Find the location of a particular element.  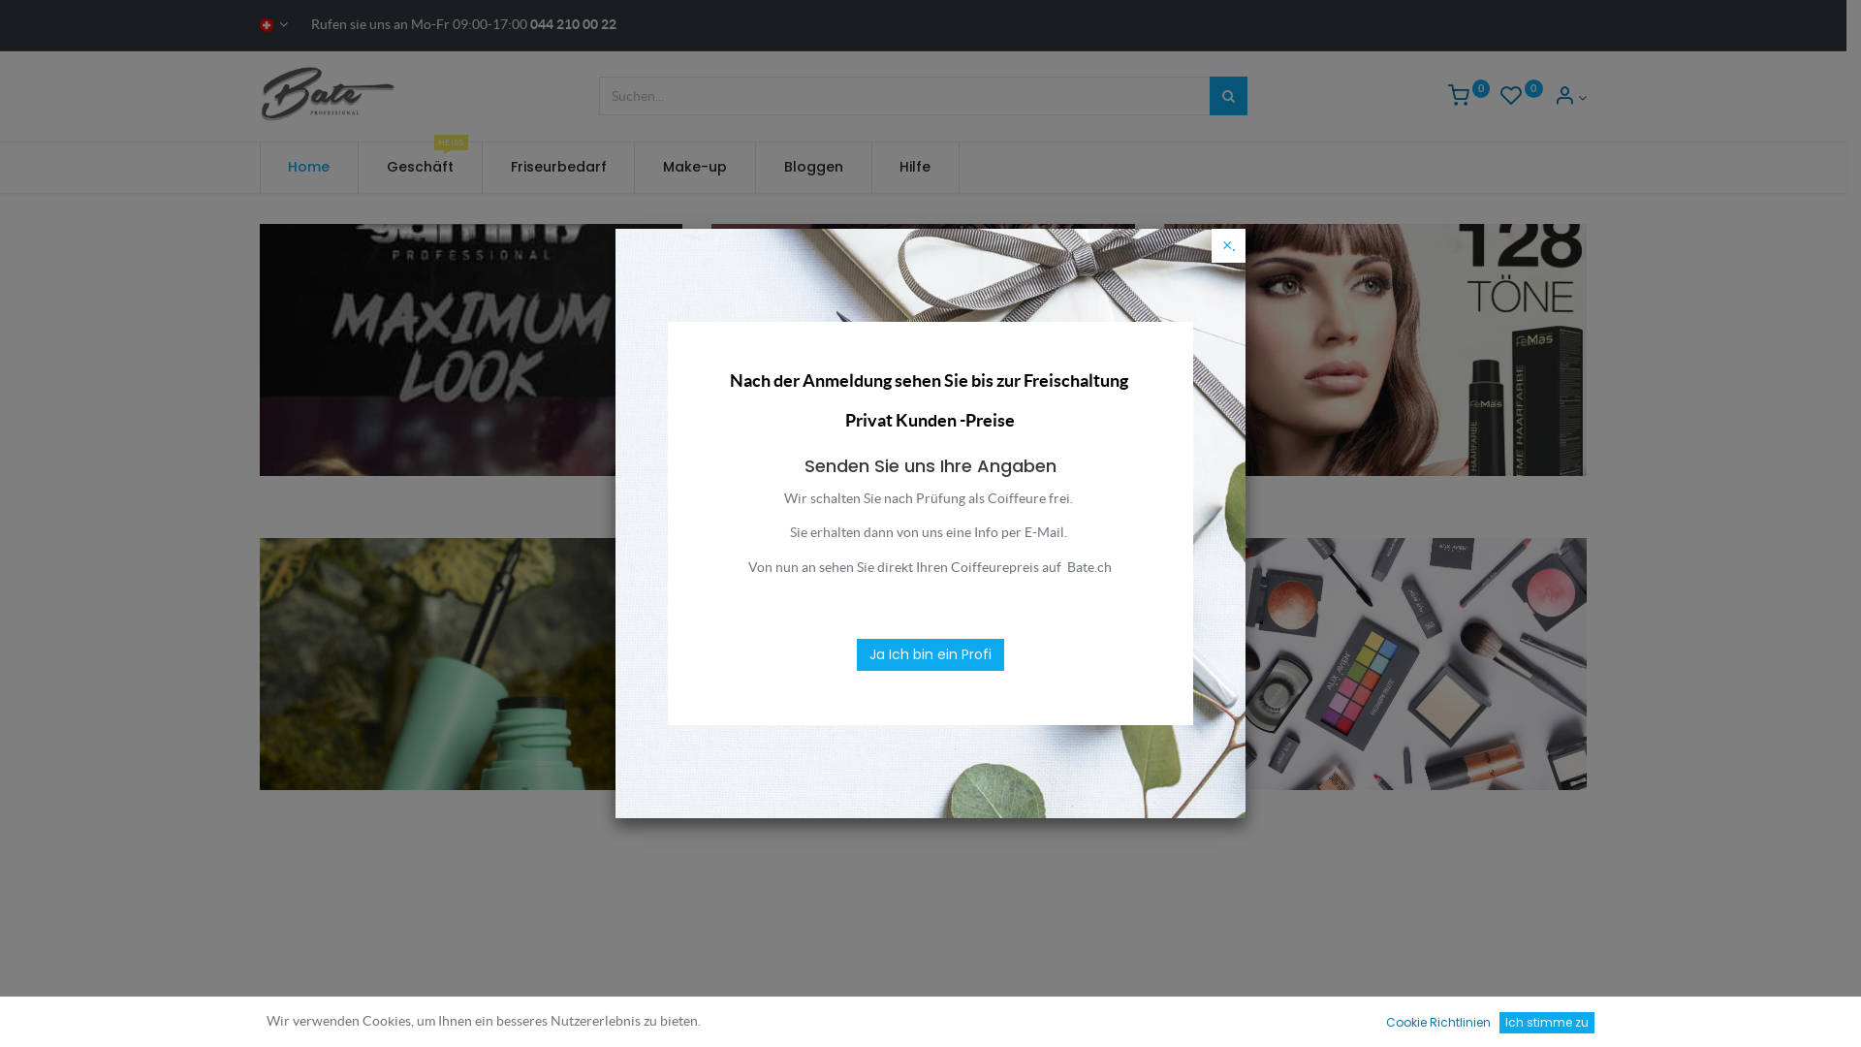

'Home' is located at coordinates (308, 167).